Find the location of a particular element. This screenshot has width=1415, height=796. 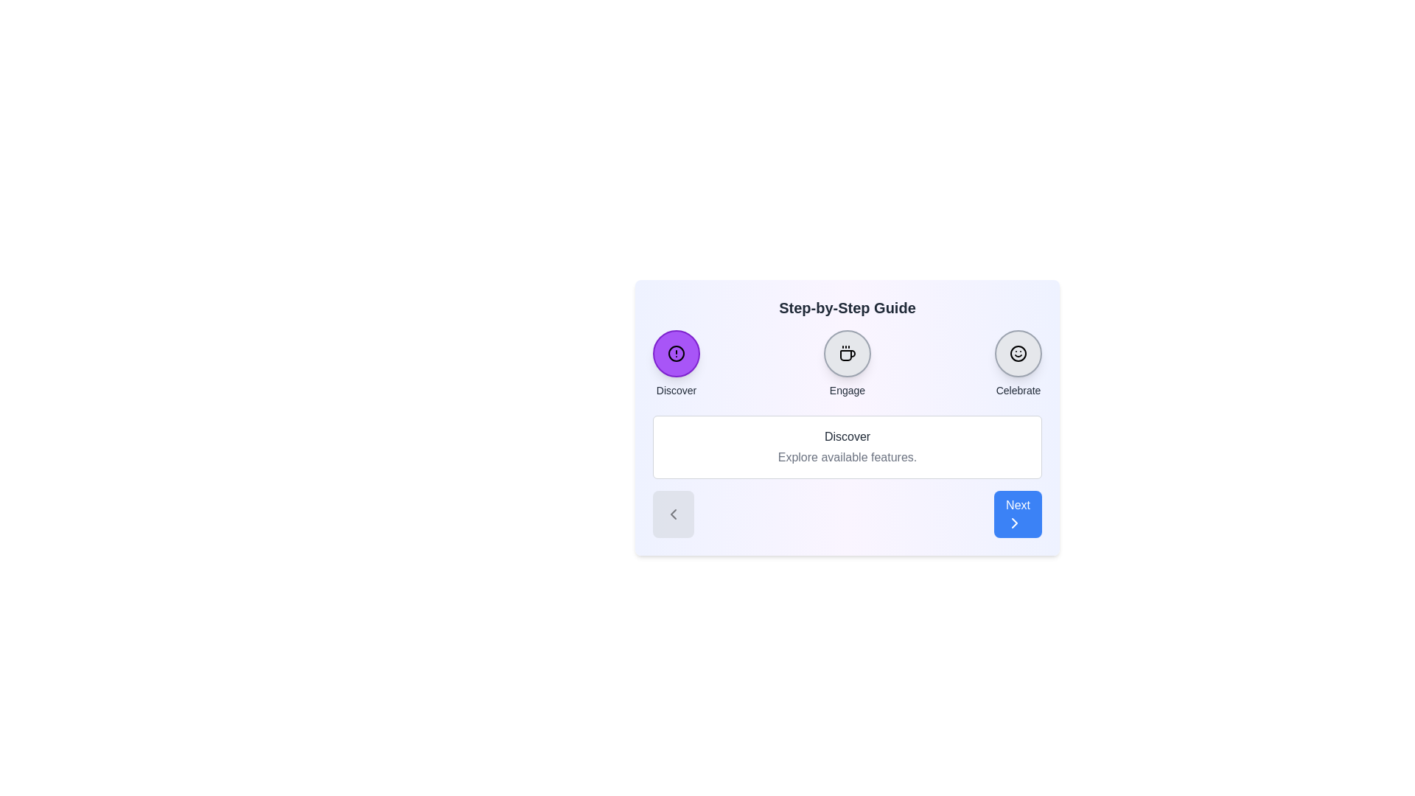

the purple circular button with an exclamation mark icon and the label 'Discover' is located at coordinates (675, 363).